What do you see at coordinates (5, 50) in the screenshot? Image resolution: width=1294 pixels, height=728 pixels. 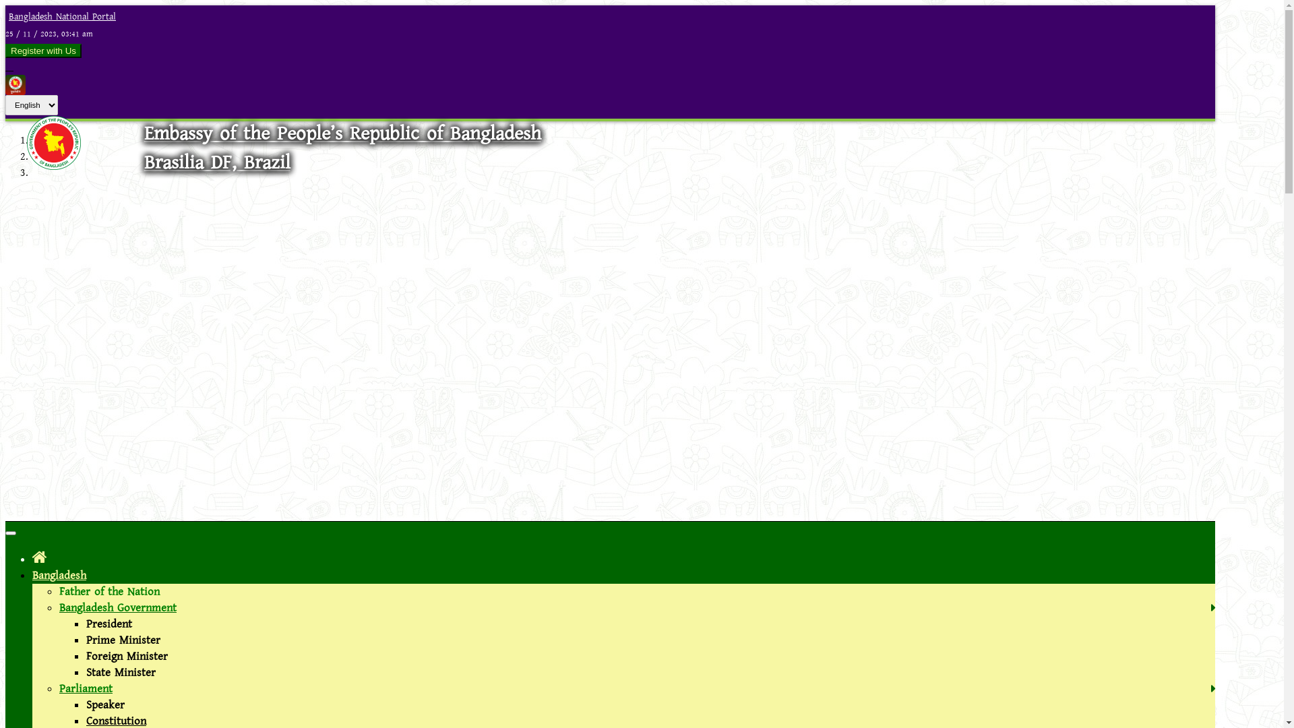 I see `'Register with Us'` at bounding box center [5, 50].